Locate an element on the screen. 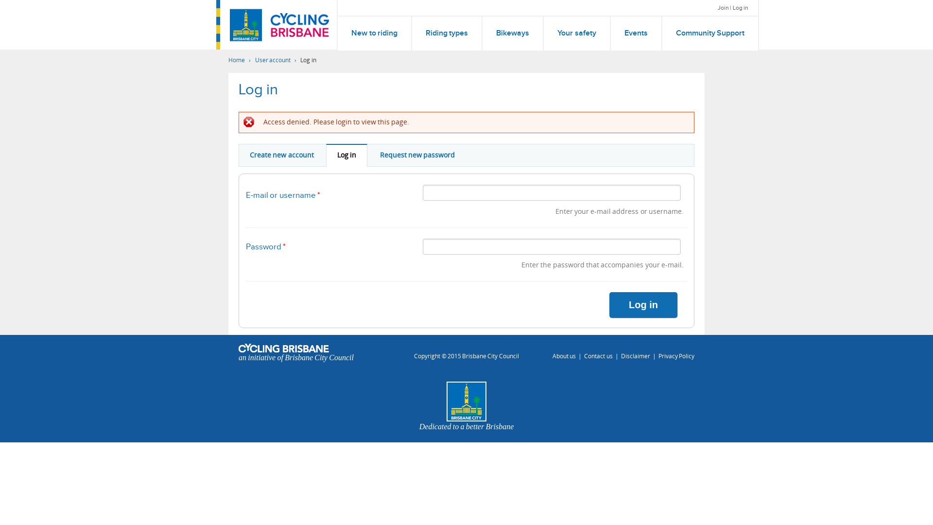  'Home' is located at coordinates (238, 60).